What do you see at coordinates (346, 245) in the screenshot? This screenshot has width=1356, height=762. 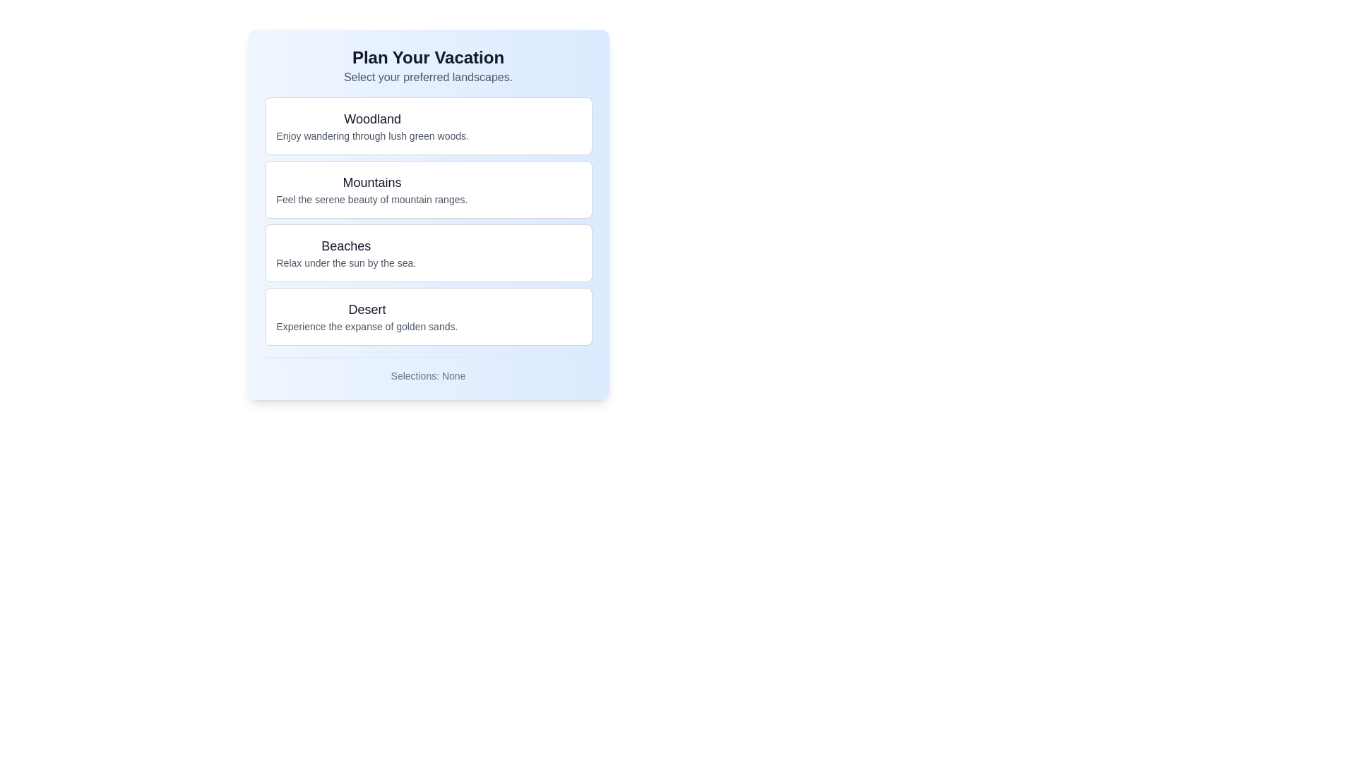 I see `the 'Beaches' Label/Text Header, which is the title of the current selection card, positioned within the third card from the top in a vertical stack, above the descriptive text 'Relax under the sun by the sea.'` at bounding box center [346, 245].